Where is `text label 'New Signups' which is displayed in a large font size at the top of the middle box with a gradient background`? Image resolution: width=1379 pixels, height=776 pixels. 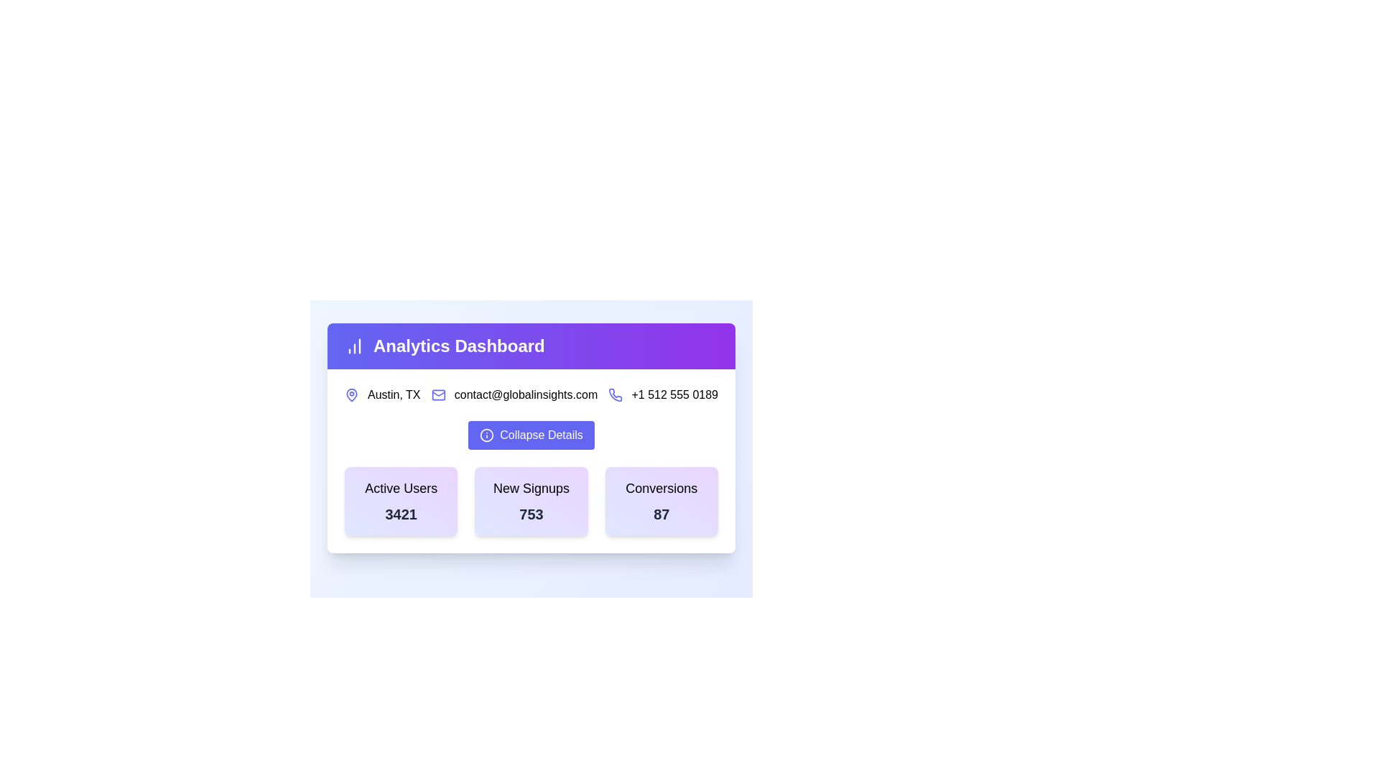
text label 'New Signups' which is displayed in a large font size at the top of the middle box with a gradient background is located at coordinates (530, 487).